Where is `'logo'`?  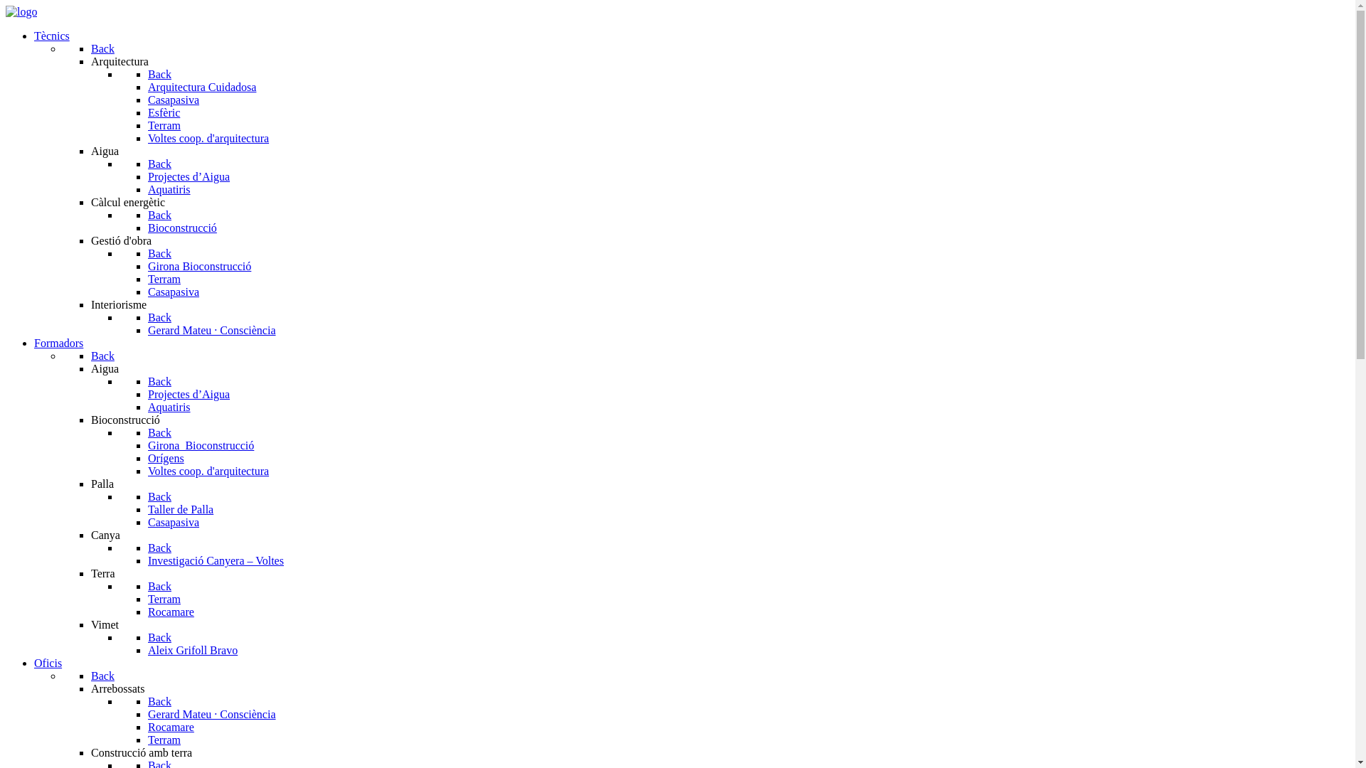 'logo' is located at coordinates (21, 11).